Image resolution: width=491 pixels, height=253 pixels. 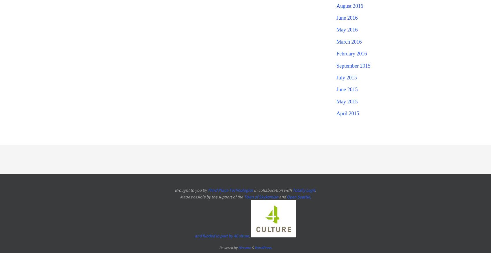 I want to click on ',', so click(x=310, y=196).